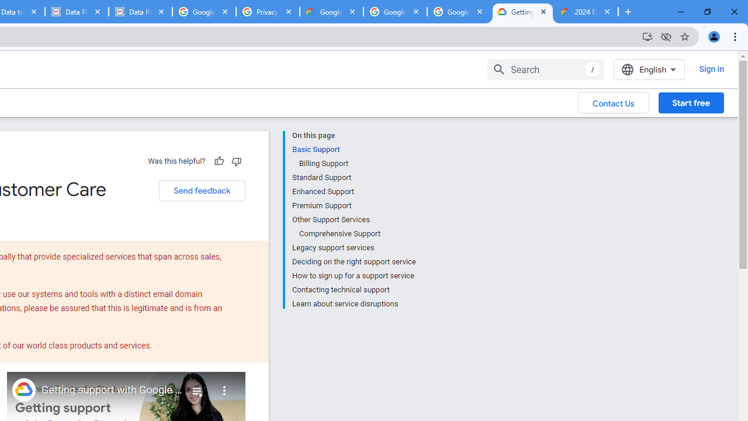 The image size is (748, 421). I want to click on 'Playlist', so click(197, 386).